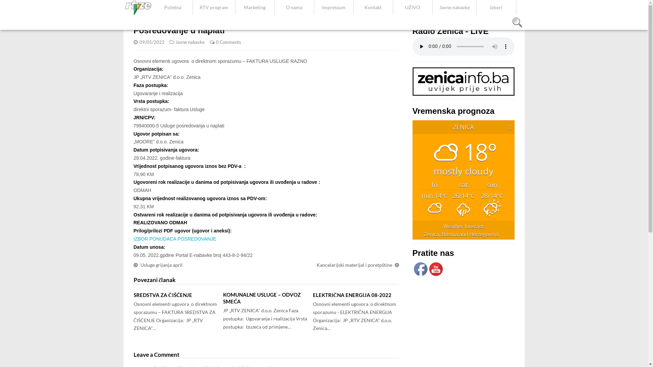  What do you see at coordinates (174, 238) in the screenshot?
I see `'IZBOR PONUDACA POSREDOVANJE'` at bounding box center [174, 238].